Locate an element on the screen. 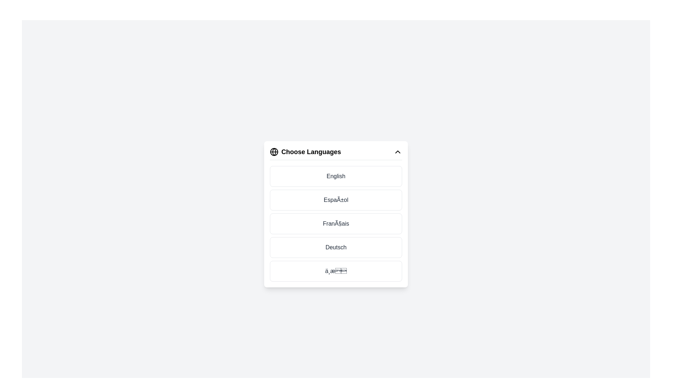 This screenshot has width=690, height=388. the 'Choose Languages' text label that serves as a heading for the language selection dropdown is located at coordinates (305, 151).